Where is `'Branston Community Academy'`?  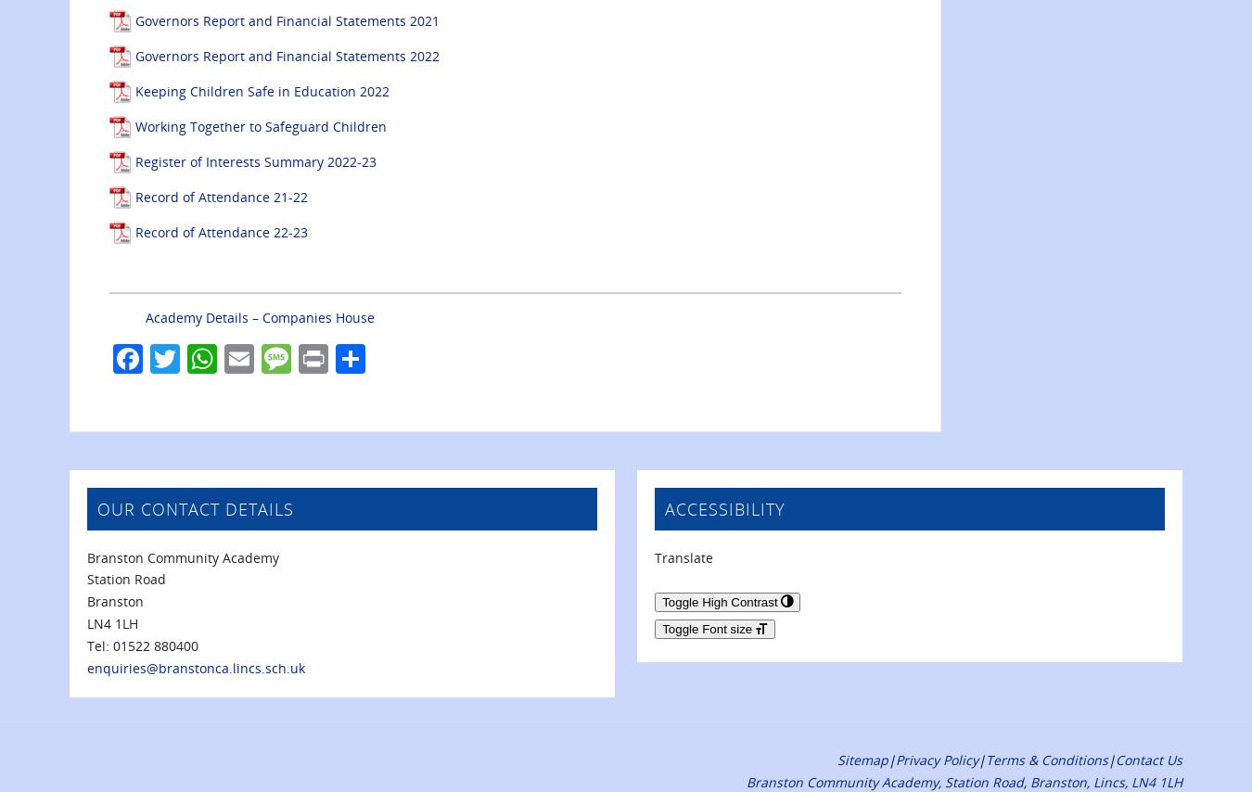 'Branston Community Academy' is located at coordinates (183, 556).